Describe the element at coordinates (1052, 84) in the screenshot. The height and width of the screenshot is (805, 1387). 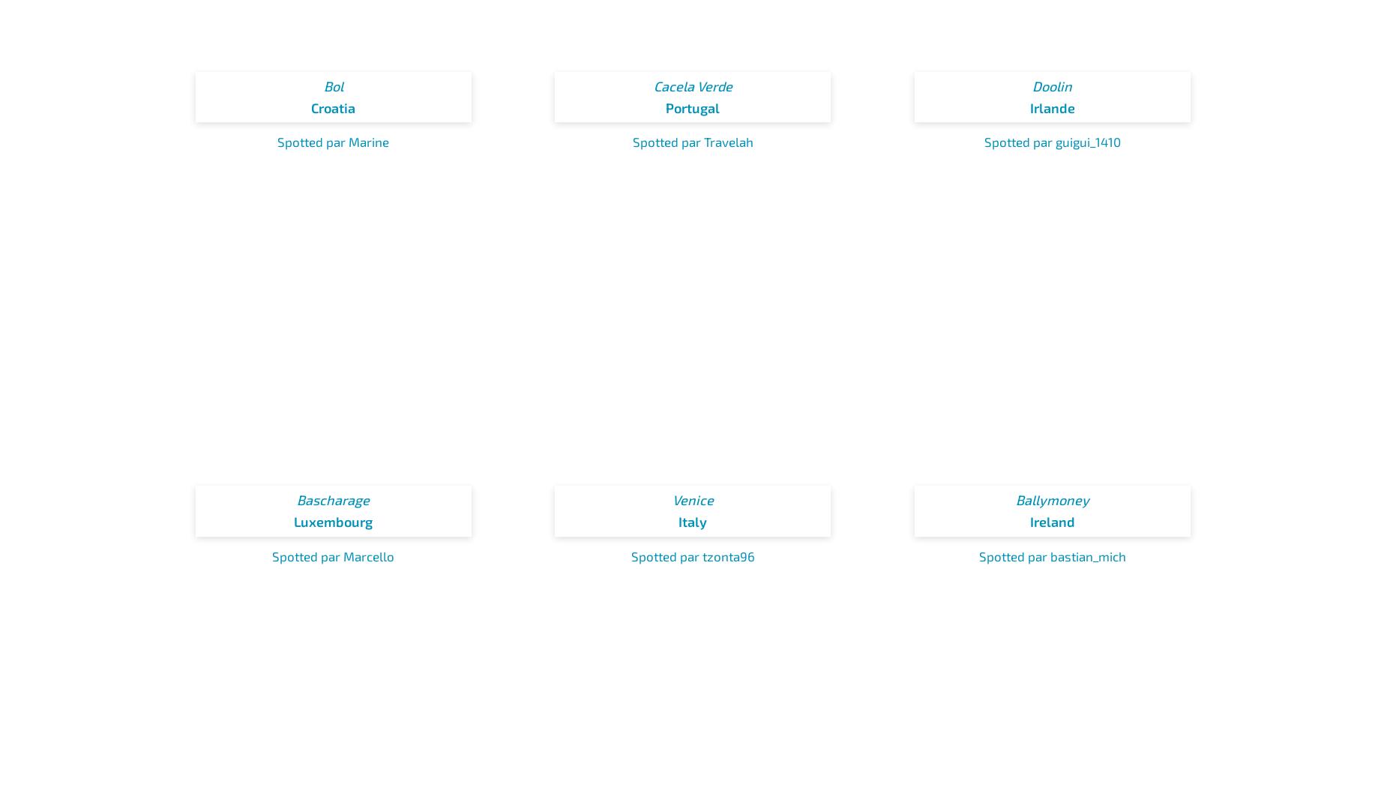
I see `'Doolin'` at that location.